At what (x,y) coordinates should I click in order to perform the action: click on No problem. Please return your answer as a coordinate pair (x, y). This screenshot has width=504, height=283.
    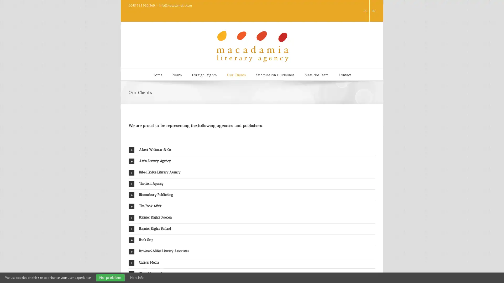
    Looking at the image, I should click on (110, 277).